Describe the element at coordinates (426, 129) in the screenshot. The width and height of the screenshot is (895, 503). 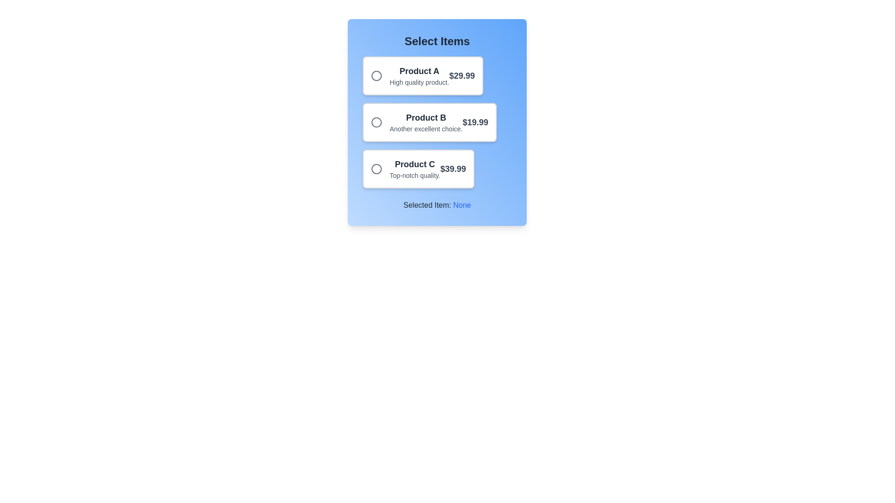
I see `the text label that provides additional descriptive information about 'Product B', located beneath the 'Product B' label in the selectable list` at that location.